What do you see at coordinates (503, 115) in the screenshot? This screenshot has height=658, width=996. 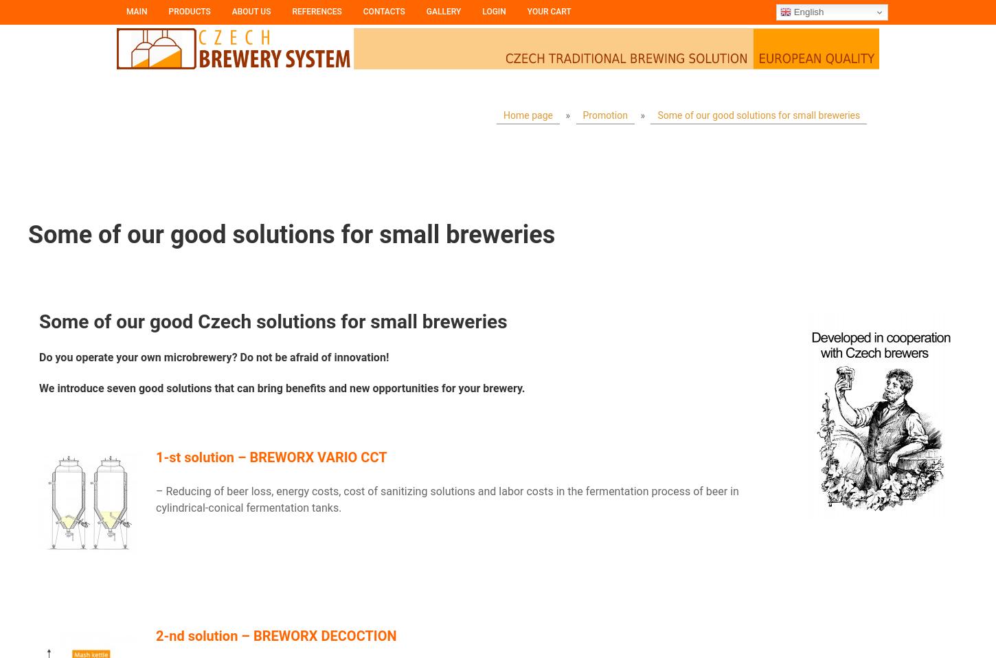 I see `'Home page'` at bounding box center [503, 115].